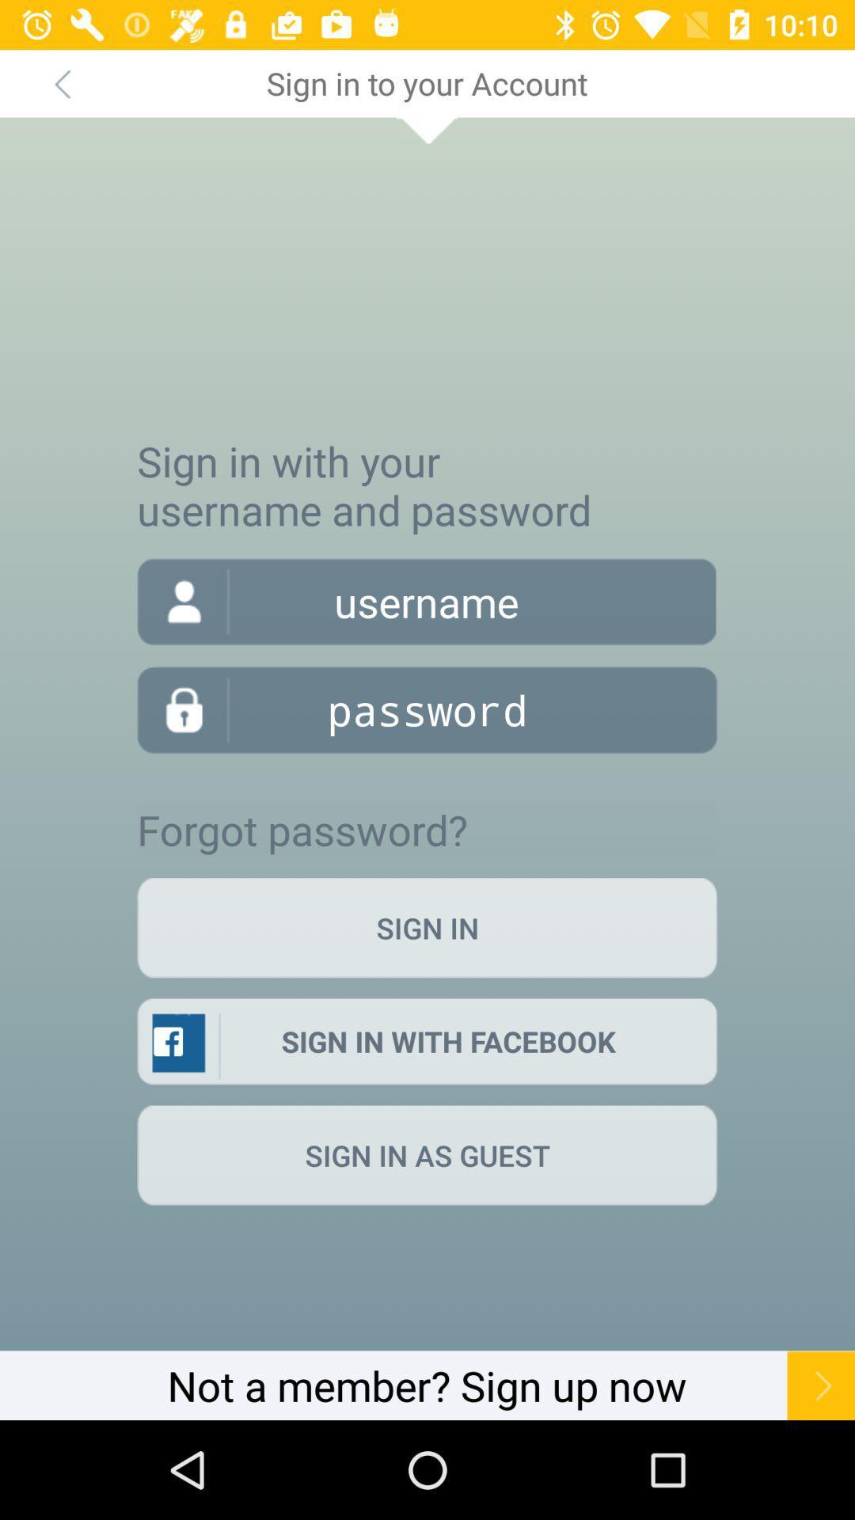 The height and width of the screenshot is (1520, 855). What do you see at coordinates (427, 709) in the screenshot?
I see `password` at bounding box center [427, 709].